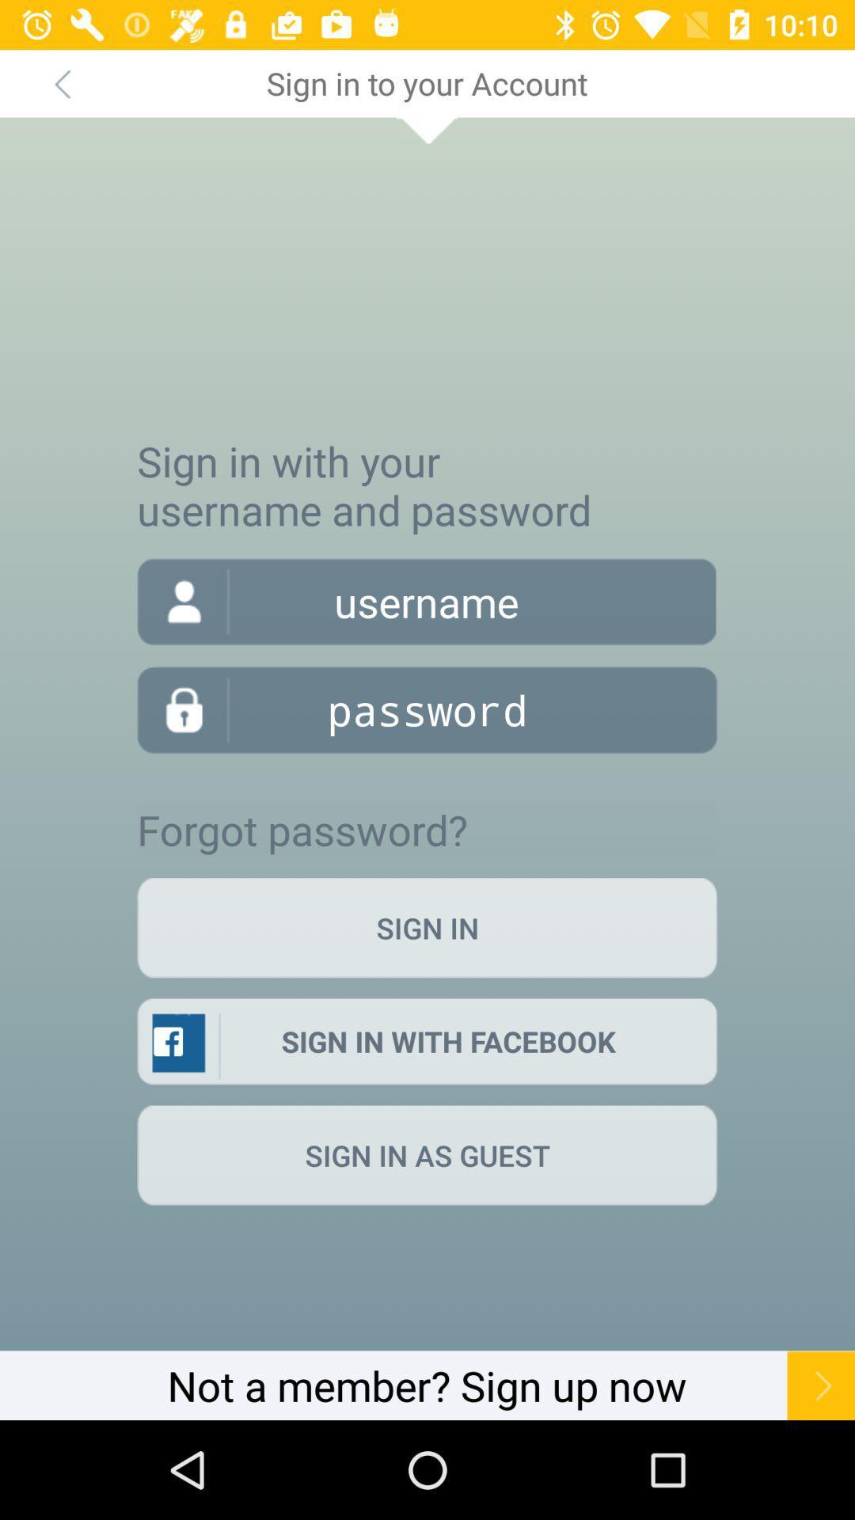 The height and width of the screenshot is (1520, 855). What do you see at coordinates (427, 709) in the screenshot?
I see `password` at bounding box center [427, 709].